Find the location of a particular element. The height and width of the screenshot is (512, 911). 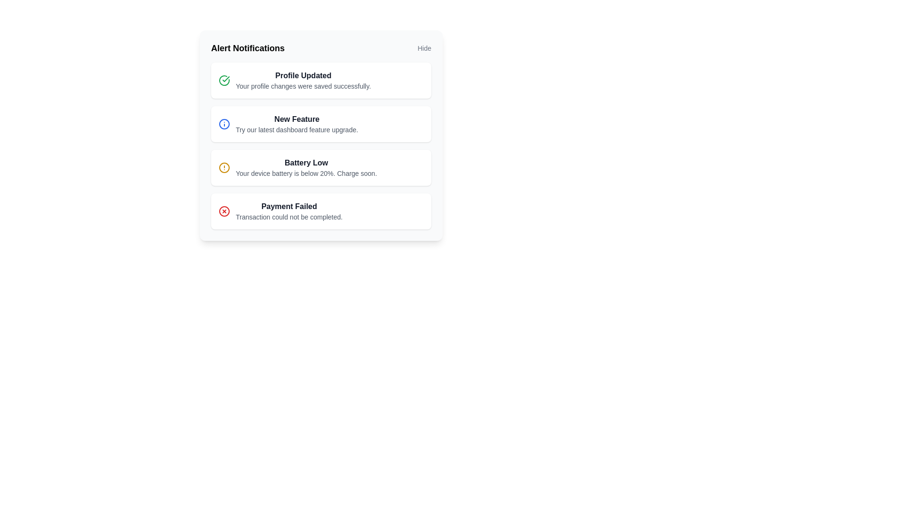

text snippet 'Your device battery is below 20%. Charge soon.' located in the third notification card titled 'Alert Notifications', directly beneath the bold heading 'Battery Low' is located at coordinates (306, 174).